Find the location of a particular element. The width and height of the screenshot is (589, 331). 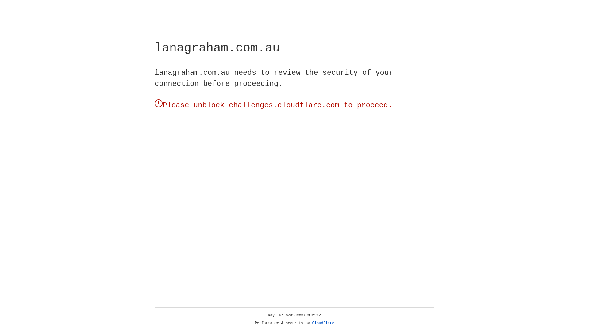

'Cloudflare' is located at coordinates (323, 323).